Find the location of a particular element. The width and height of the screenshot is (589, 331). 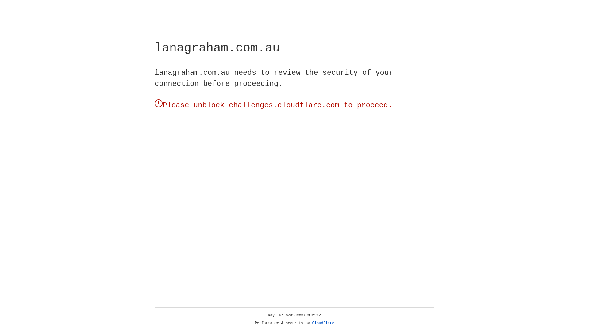

'Cloudflare' is located at coordinates (323, 323).